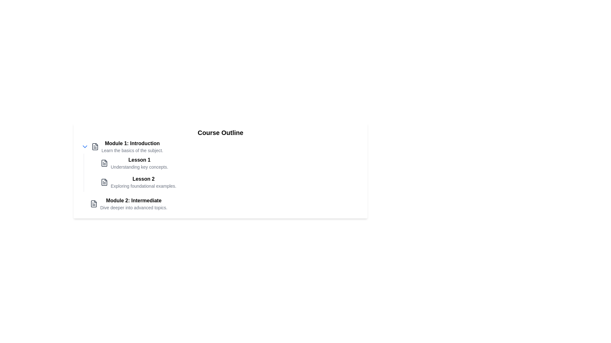  What do you see at coordinates (224, 182) in the screenshot?
I see `the second list item in the course outline` at bounding box center [224, 182].